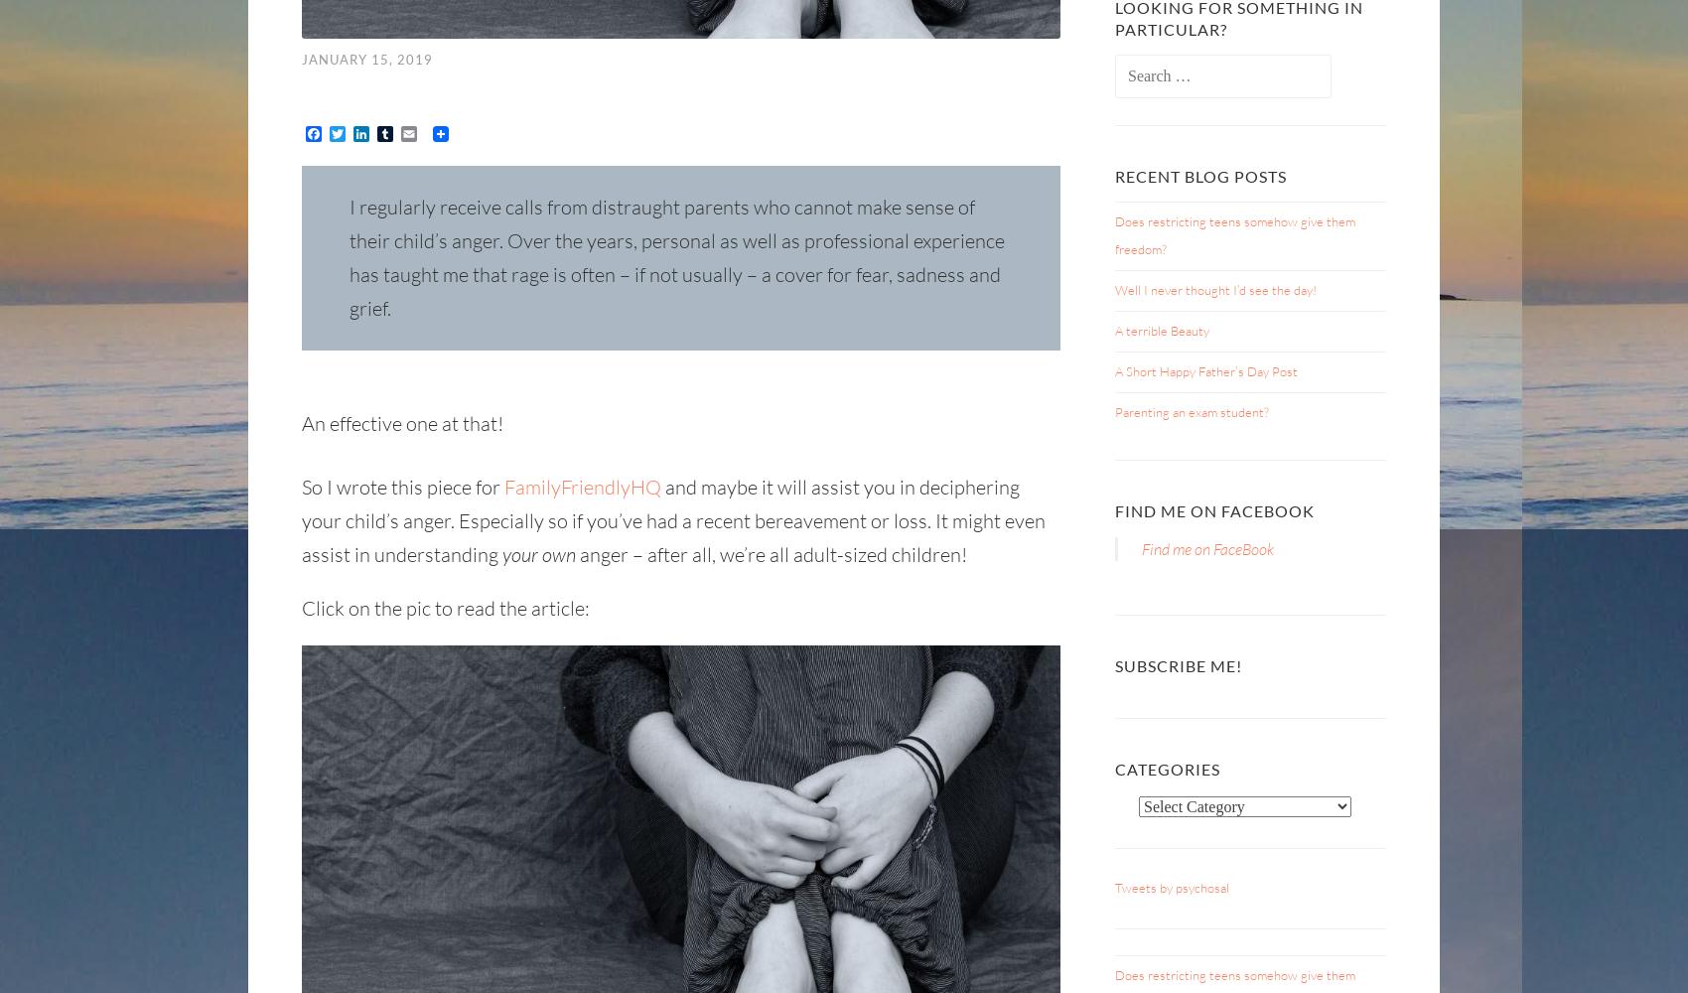 Image resolution: width=1688 pixels, height=993 pixels. Describe the element at coordinates (537, 553) in the screenshot. I see `'your own'` at that location.